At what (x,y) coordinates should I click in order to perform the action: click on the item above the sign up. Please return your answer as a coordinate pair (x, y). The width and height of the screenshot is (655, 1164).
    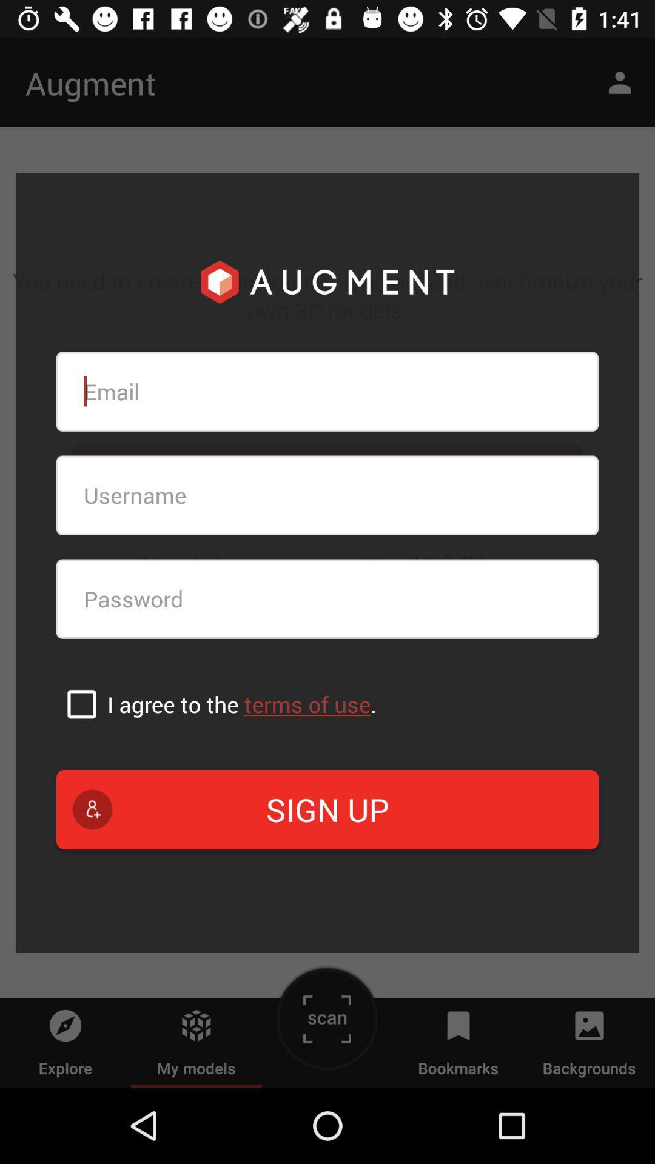
    Looking at the image, I should click on (241, 704).